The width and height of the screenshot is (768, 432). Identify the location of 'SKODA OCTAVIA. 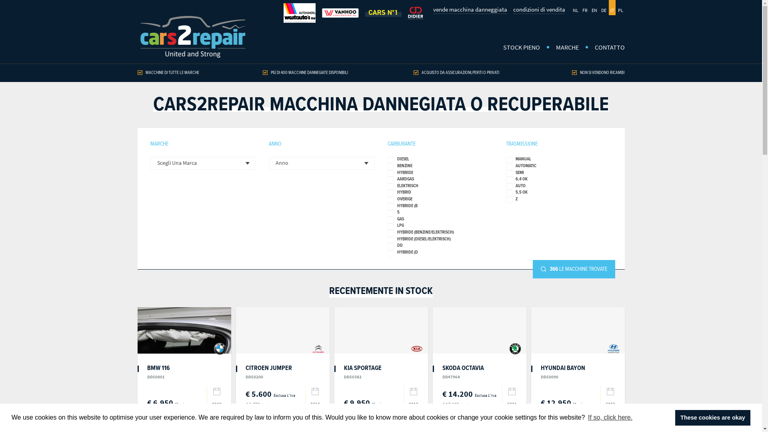
(463, 372).